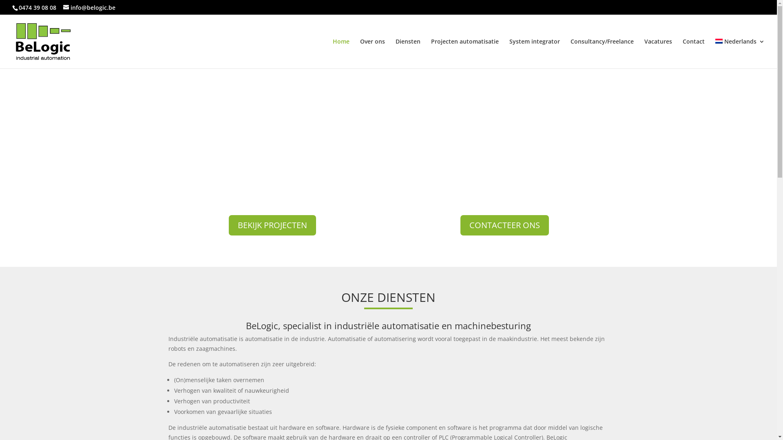  What do you see at coordinates (465, 53) in the screenshot?
I see `'Projecten automatisatie'` at bounding box center [465, 53].